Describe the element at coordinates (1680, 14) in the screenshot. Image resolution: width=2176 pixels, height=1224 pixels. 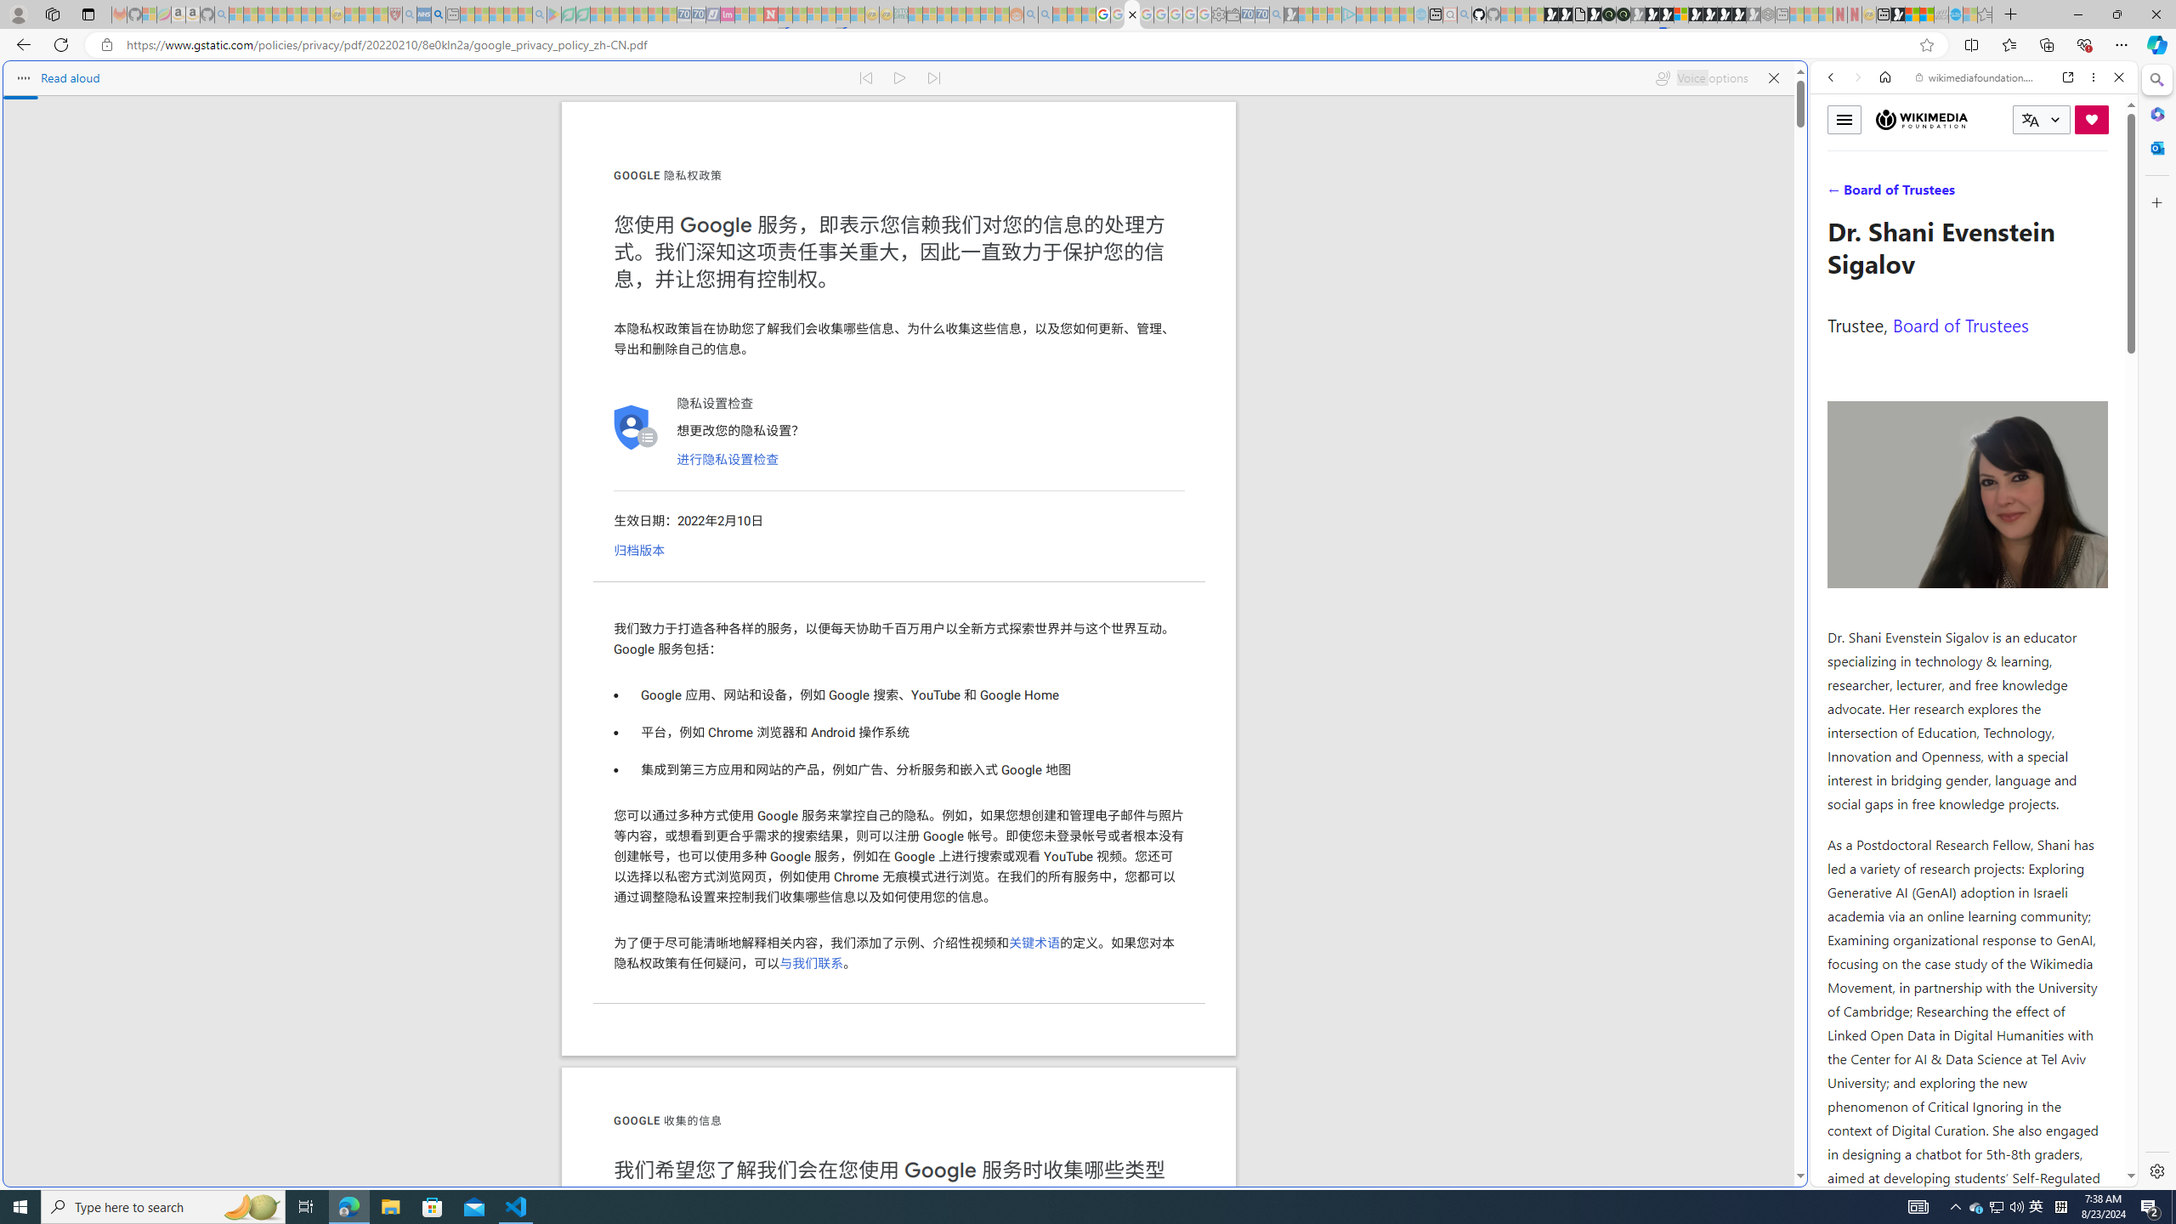
I see `'Sign in to your account'` at that location.